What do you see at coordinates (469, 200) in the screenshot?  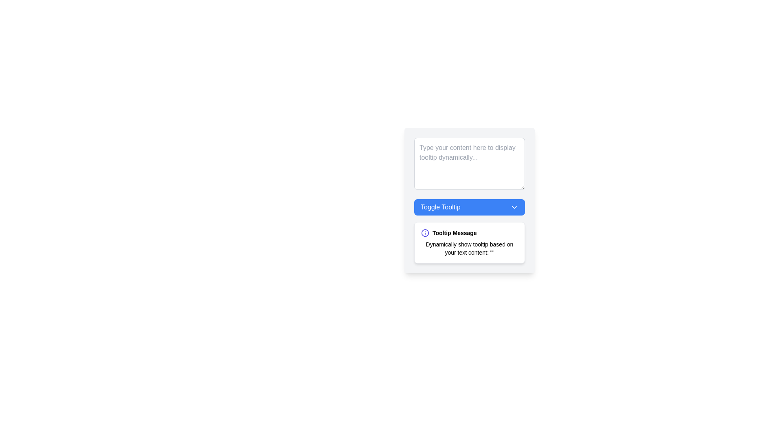 I see `the 'Toggle Tooltip' button, which is a medium blue rectangular button with rounded corners and white text` at bounding box center [469, 200].